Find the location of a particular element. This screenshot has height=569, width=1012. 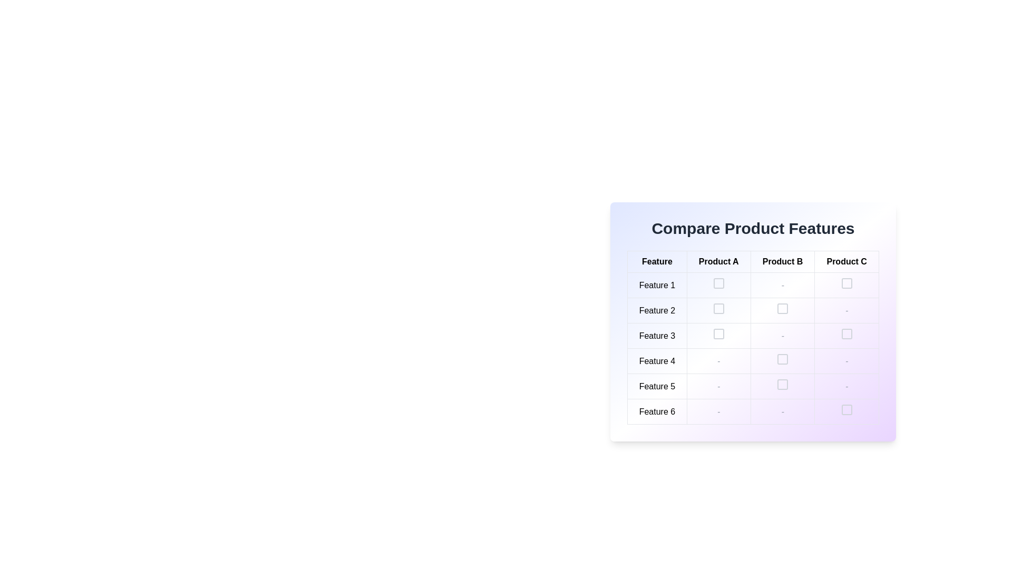

the visual indicator in the second row, third column of the product comparison table is located at coordinates (753, 310).